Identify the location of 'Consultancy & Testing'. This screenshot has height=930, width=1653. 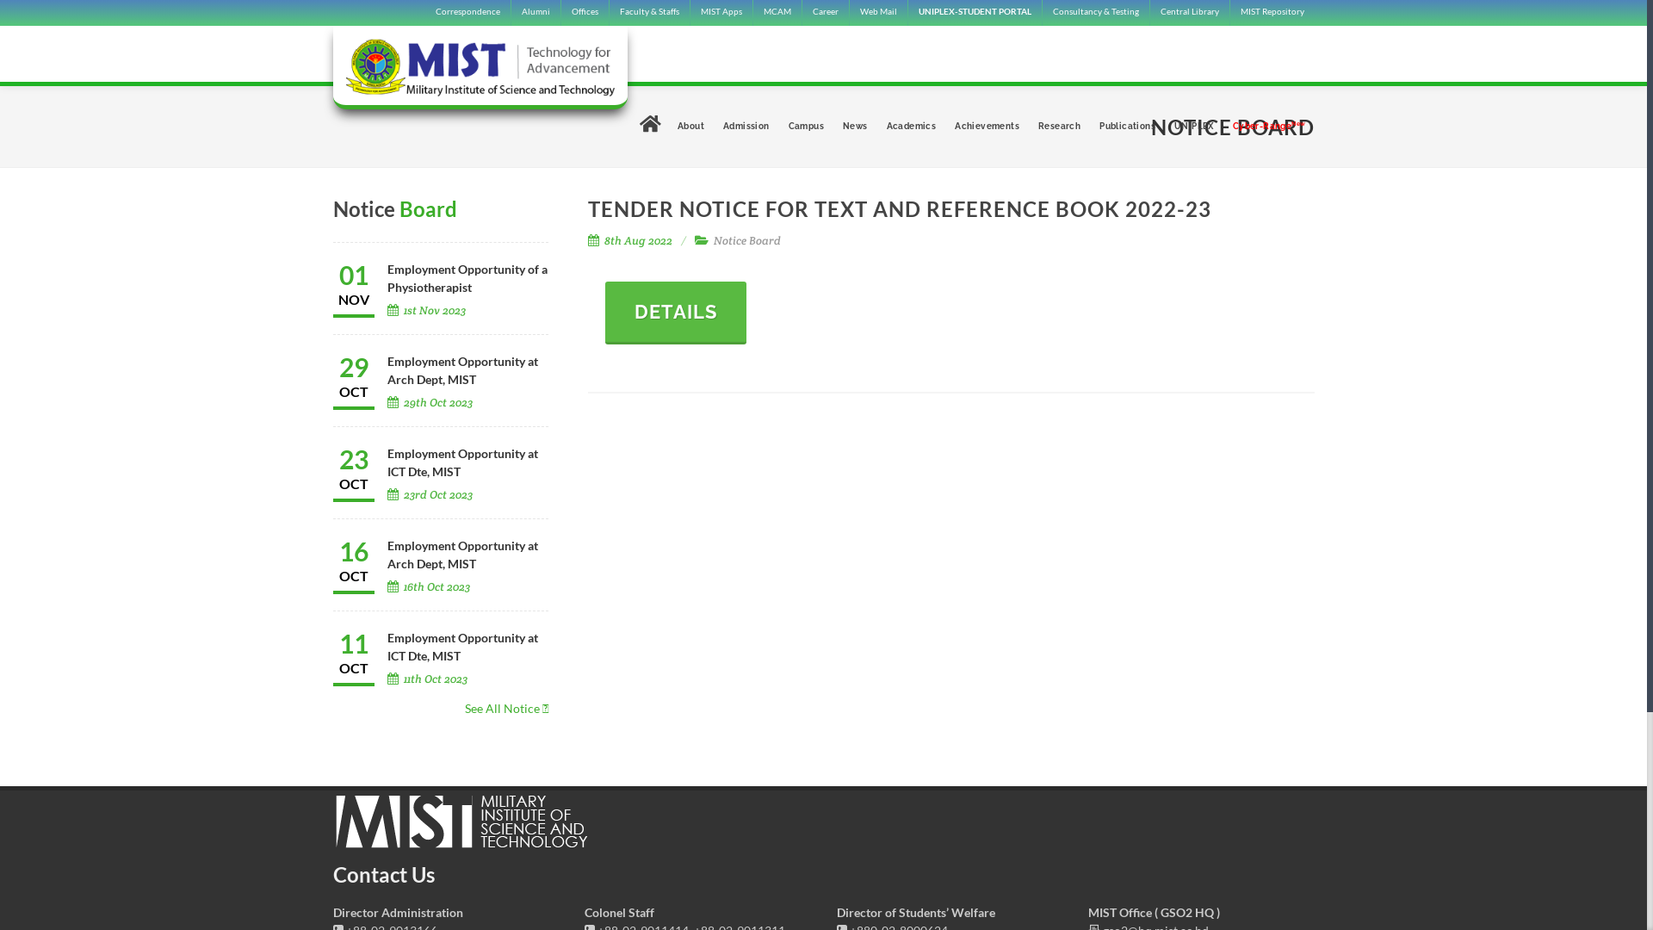
(1094, 13).